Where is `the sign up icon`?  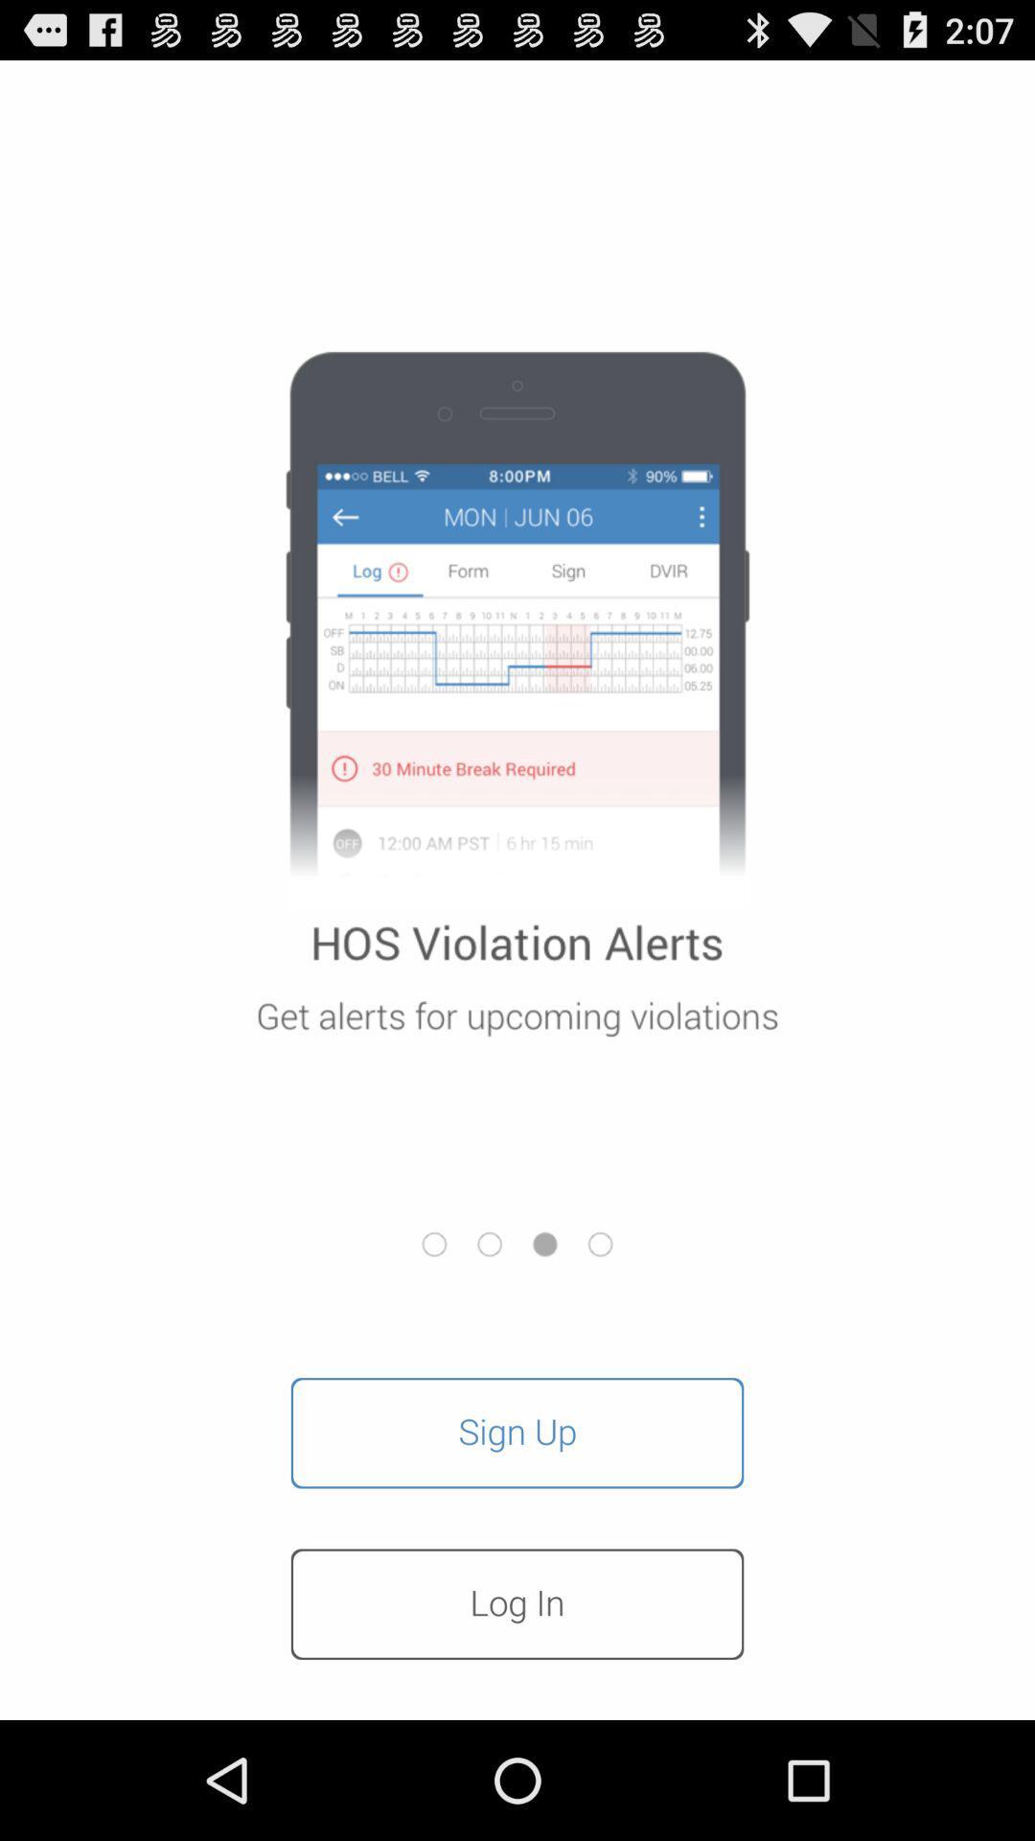
the sign up icon is located at coordinates (517, 1433).